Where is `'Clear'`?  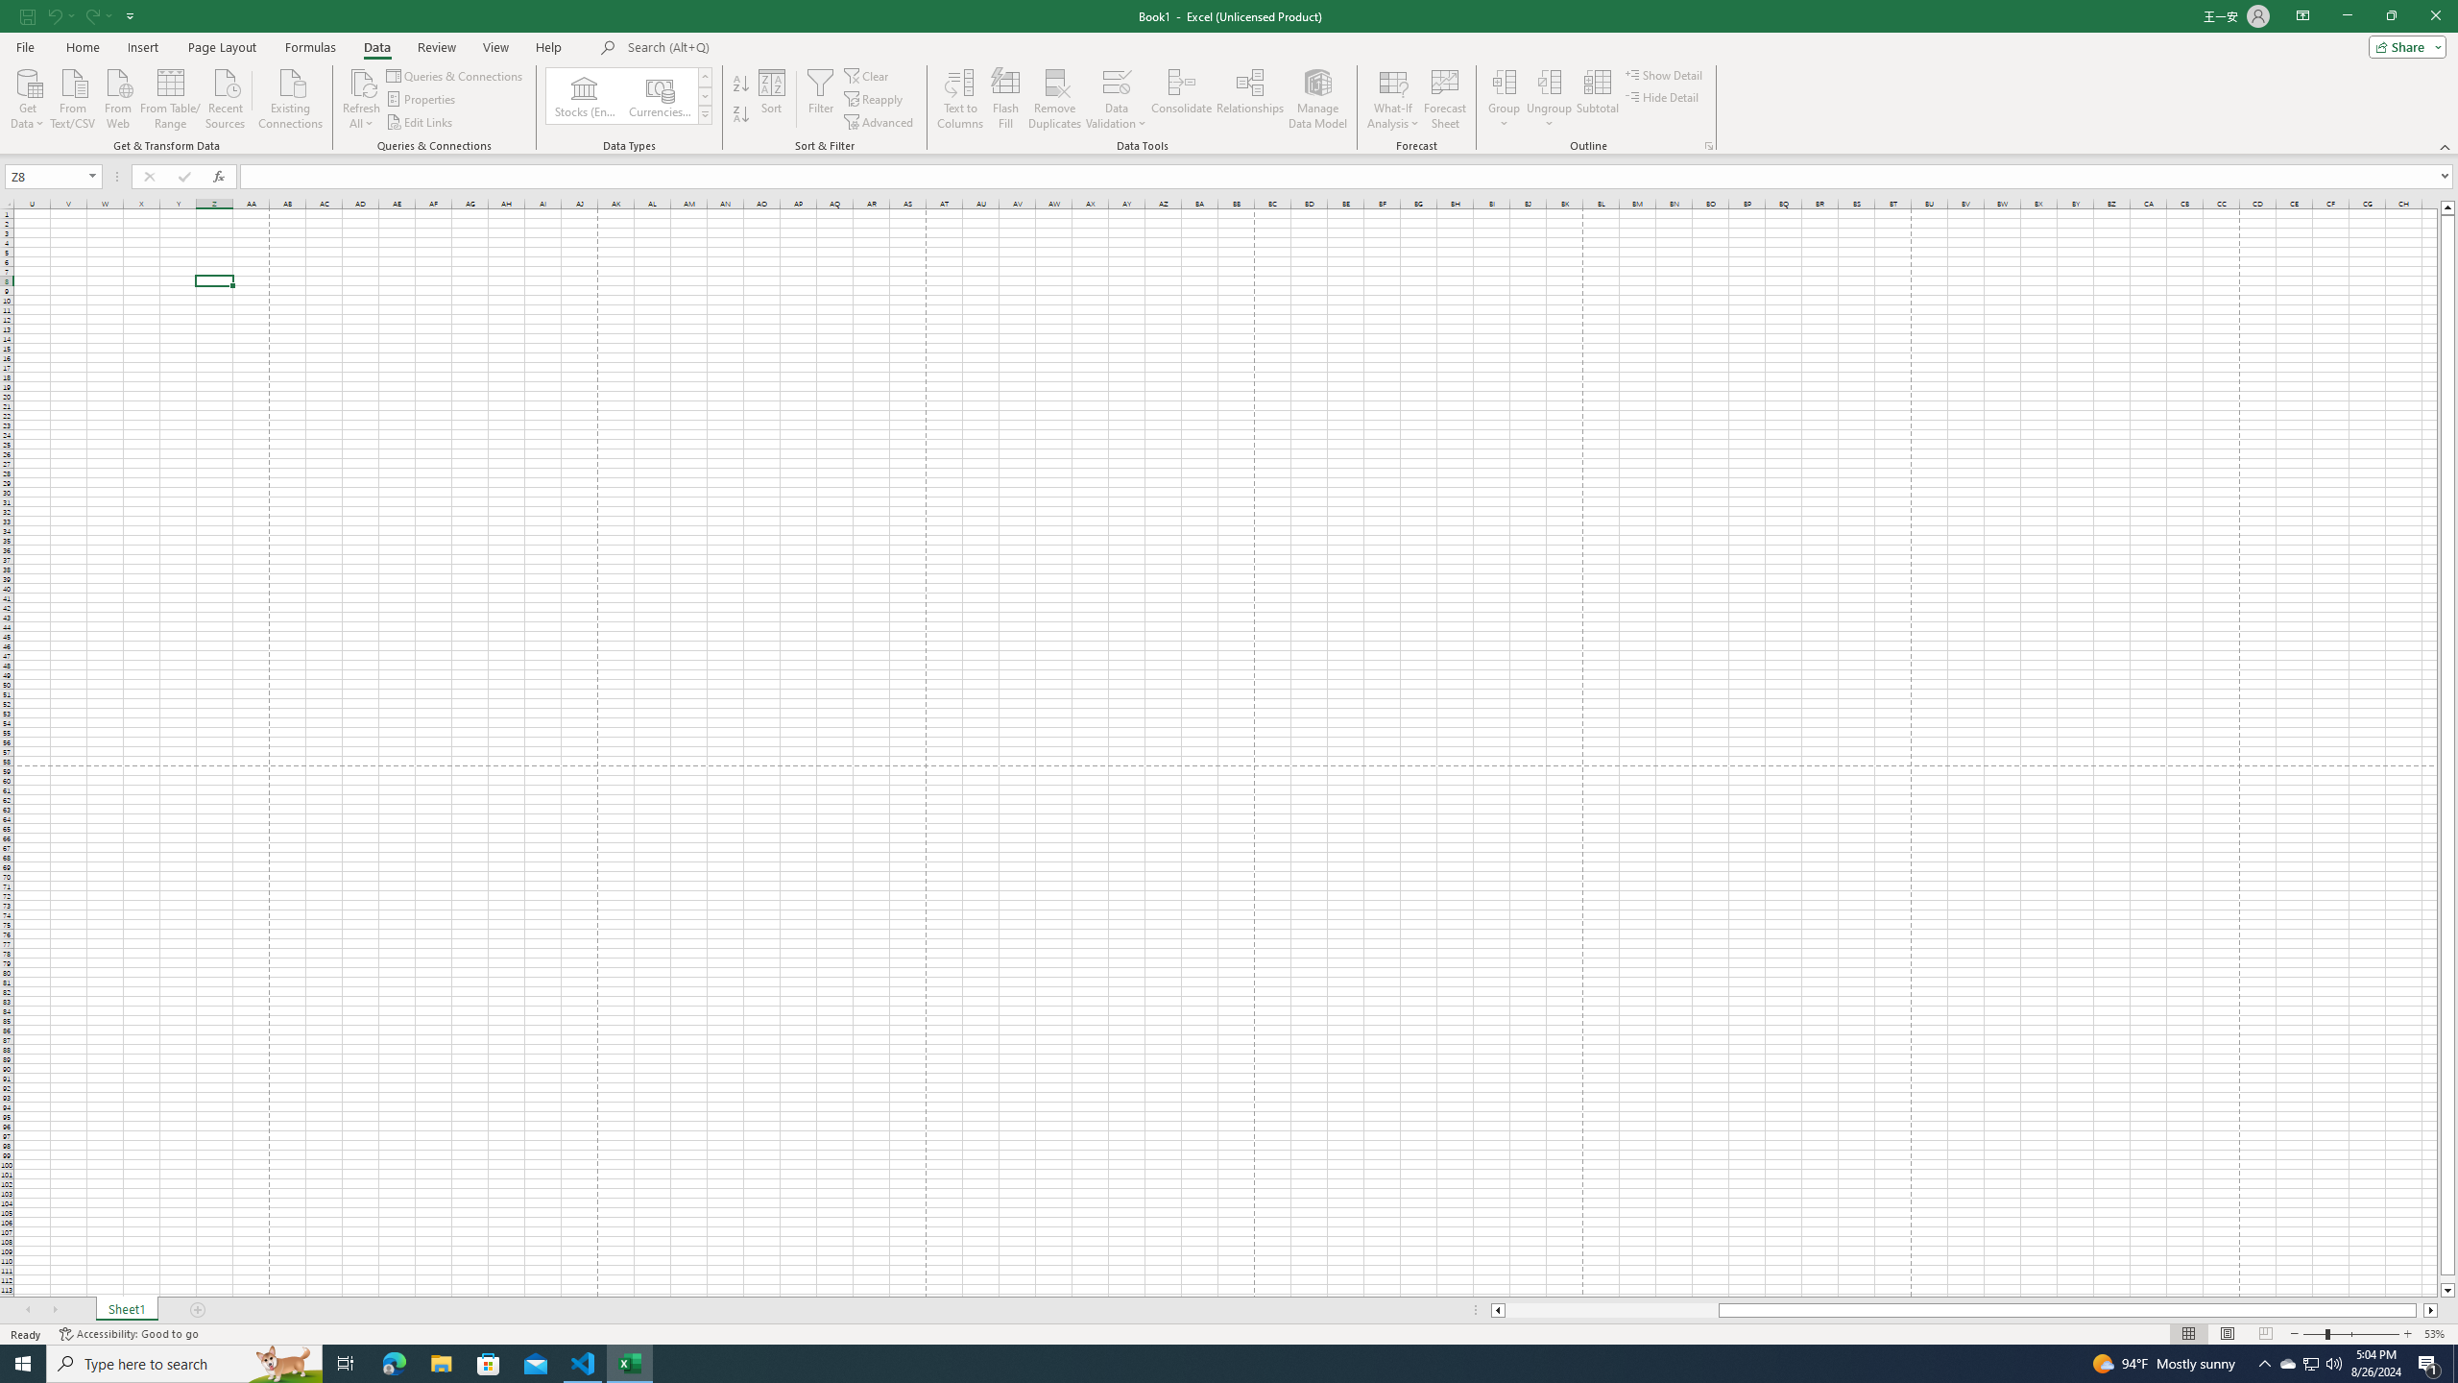
'Clear' is located at coordinates (866, 75).